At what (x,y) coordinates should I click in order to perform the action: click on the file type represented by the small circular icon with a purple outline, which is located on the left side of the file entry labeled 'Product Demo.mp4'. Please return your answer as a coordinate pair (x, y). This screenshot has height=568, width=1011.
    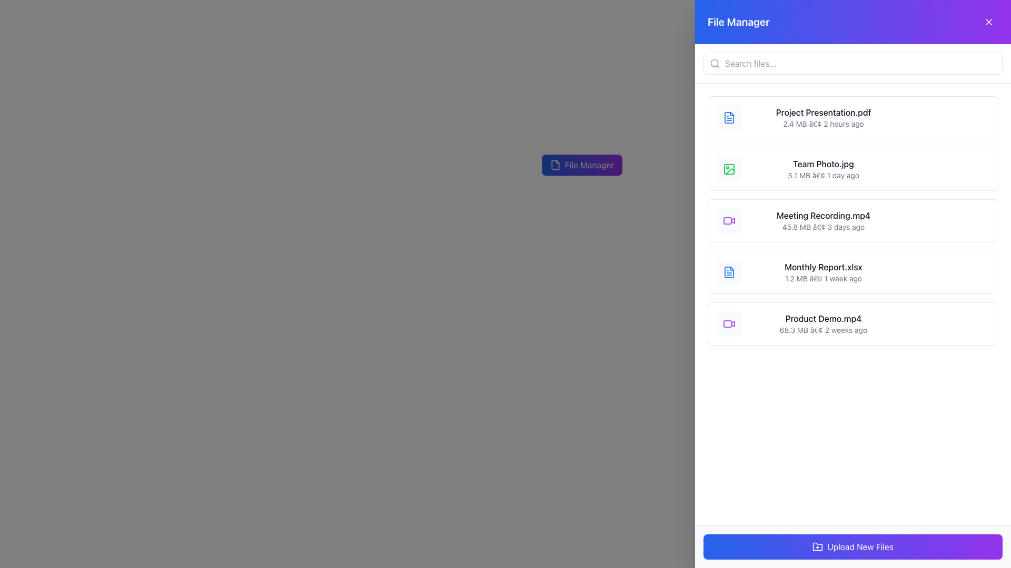
    Looking at the image, I should click on (729, 323).